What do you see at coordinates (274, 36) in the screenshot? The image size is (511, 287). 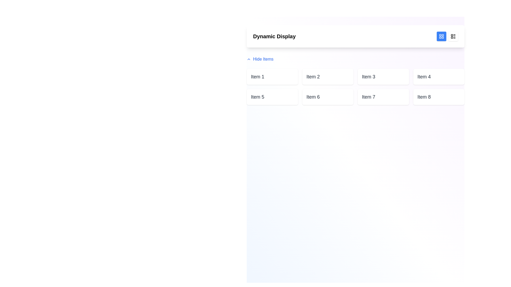 I see `the text label that serves as a section or page title, positioned at the top of the interface and to the left of buttons or icons` at bounding box center [274, 36].